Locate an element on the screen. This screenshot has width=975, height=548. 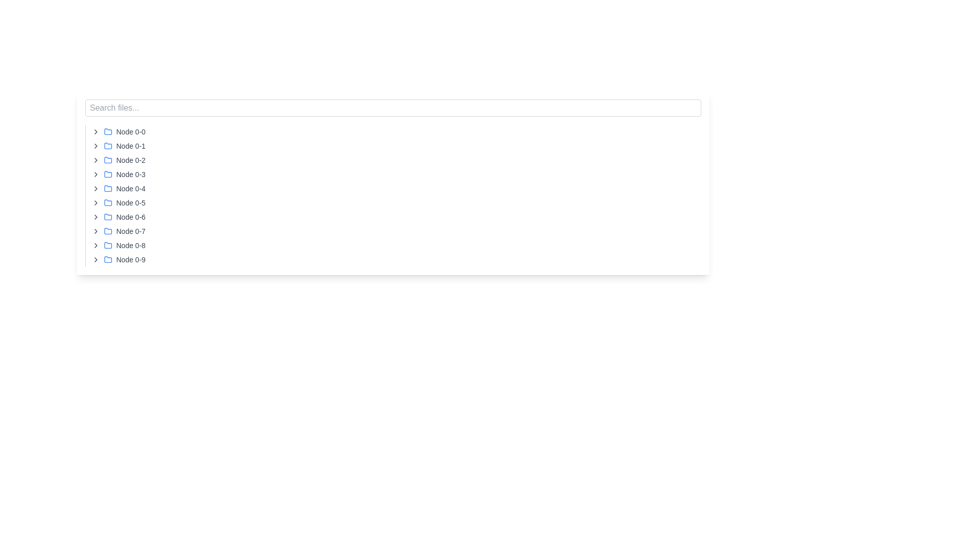
the Chevron Icon, which is a right-pointing arrow located to the left of the label 'Node 0-4' is located at coordinates (95, 188).